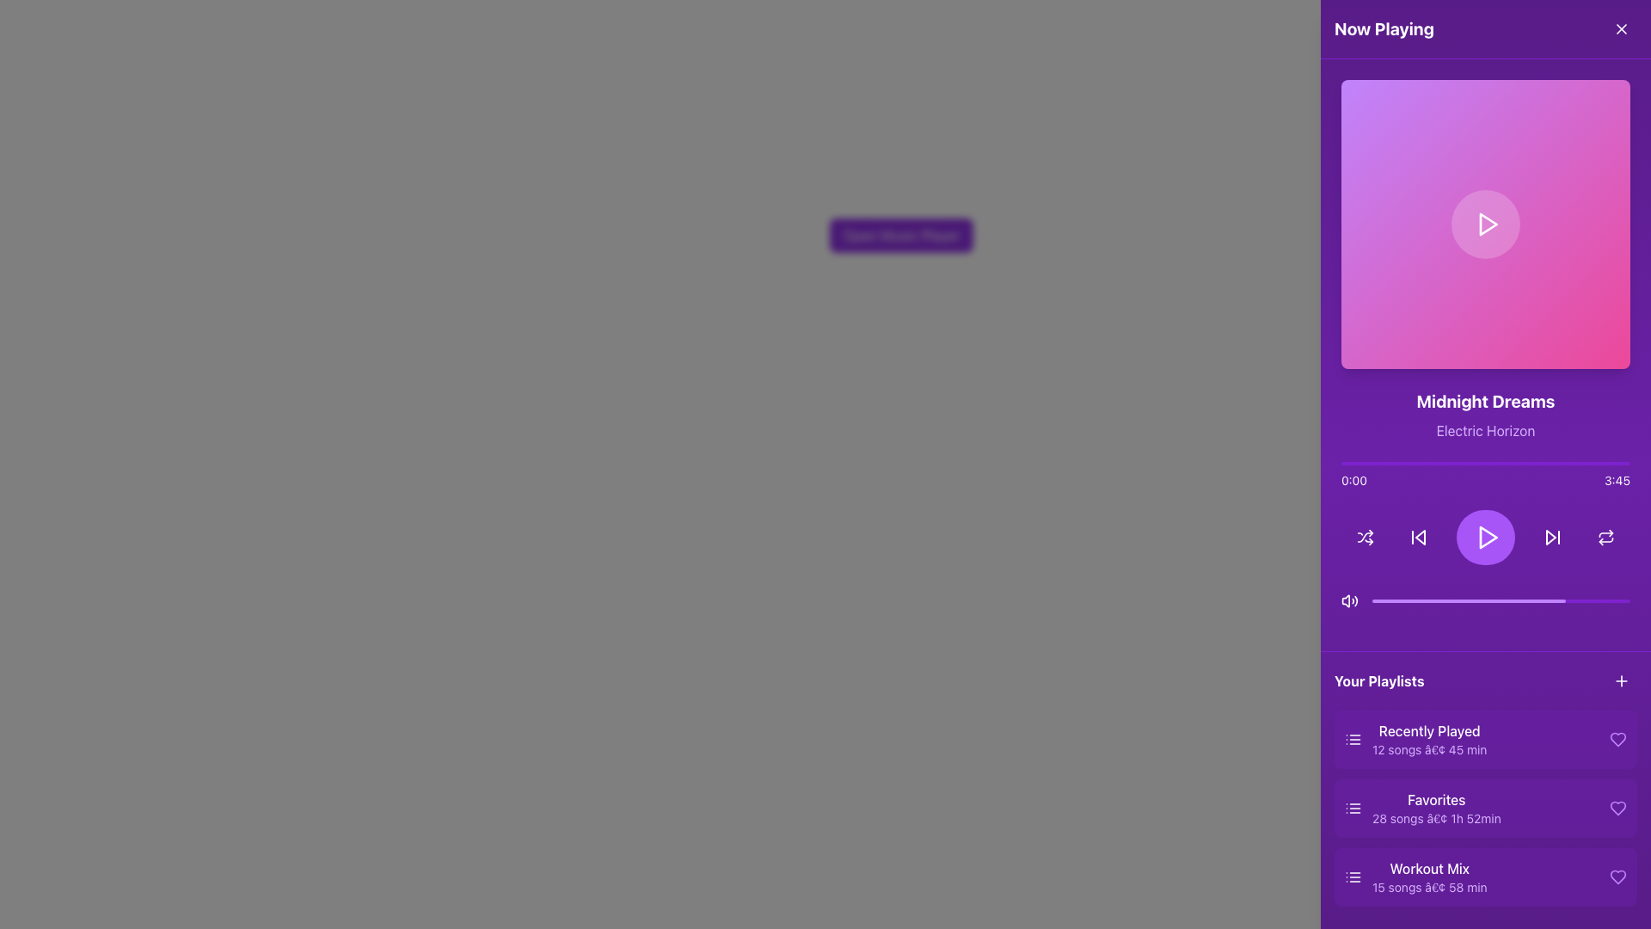  Describe the element at coordinates (1501, 600) in the screenshot. I see `the horizontal progress bar with rounded edges and deep purple color located in the 'Now Playing' interface, positioned beneath the playback buttons and above the playlist section` at that location.